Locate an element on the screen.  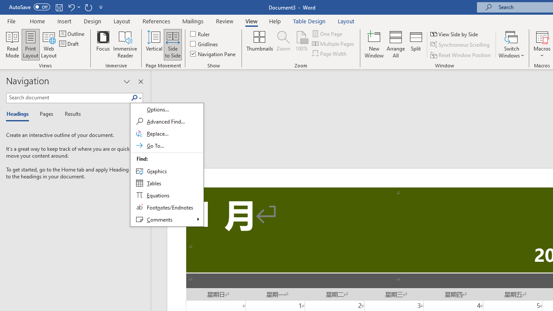
'Review' is located at coordinates (225, 21).